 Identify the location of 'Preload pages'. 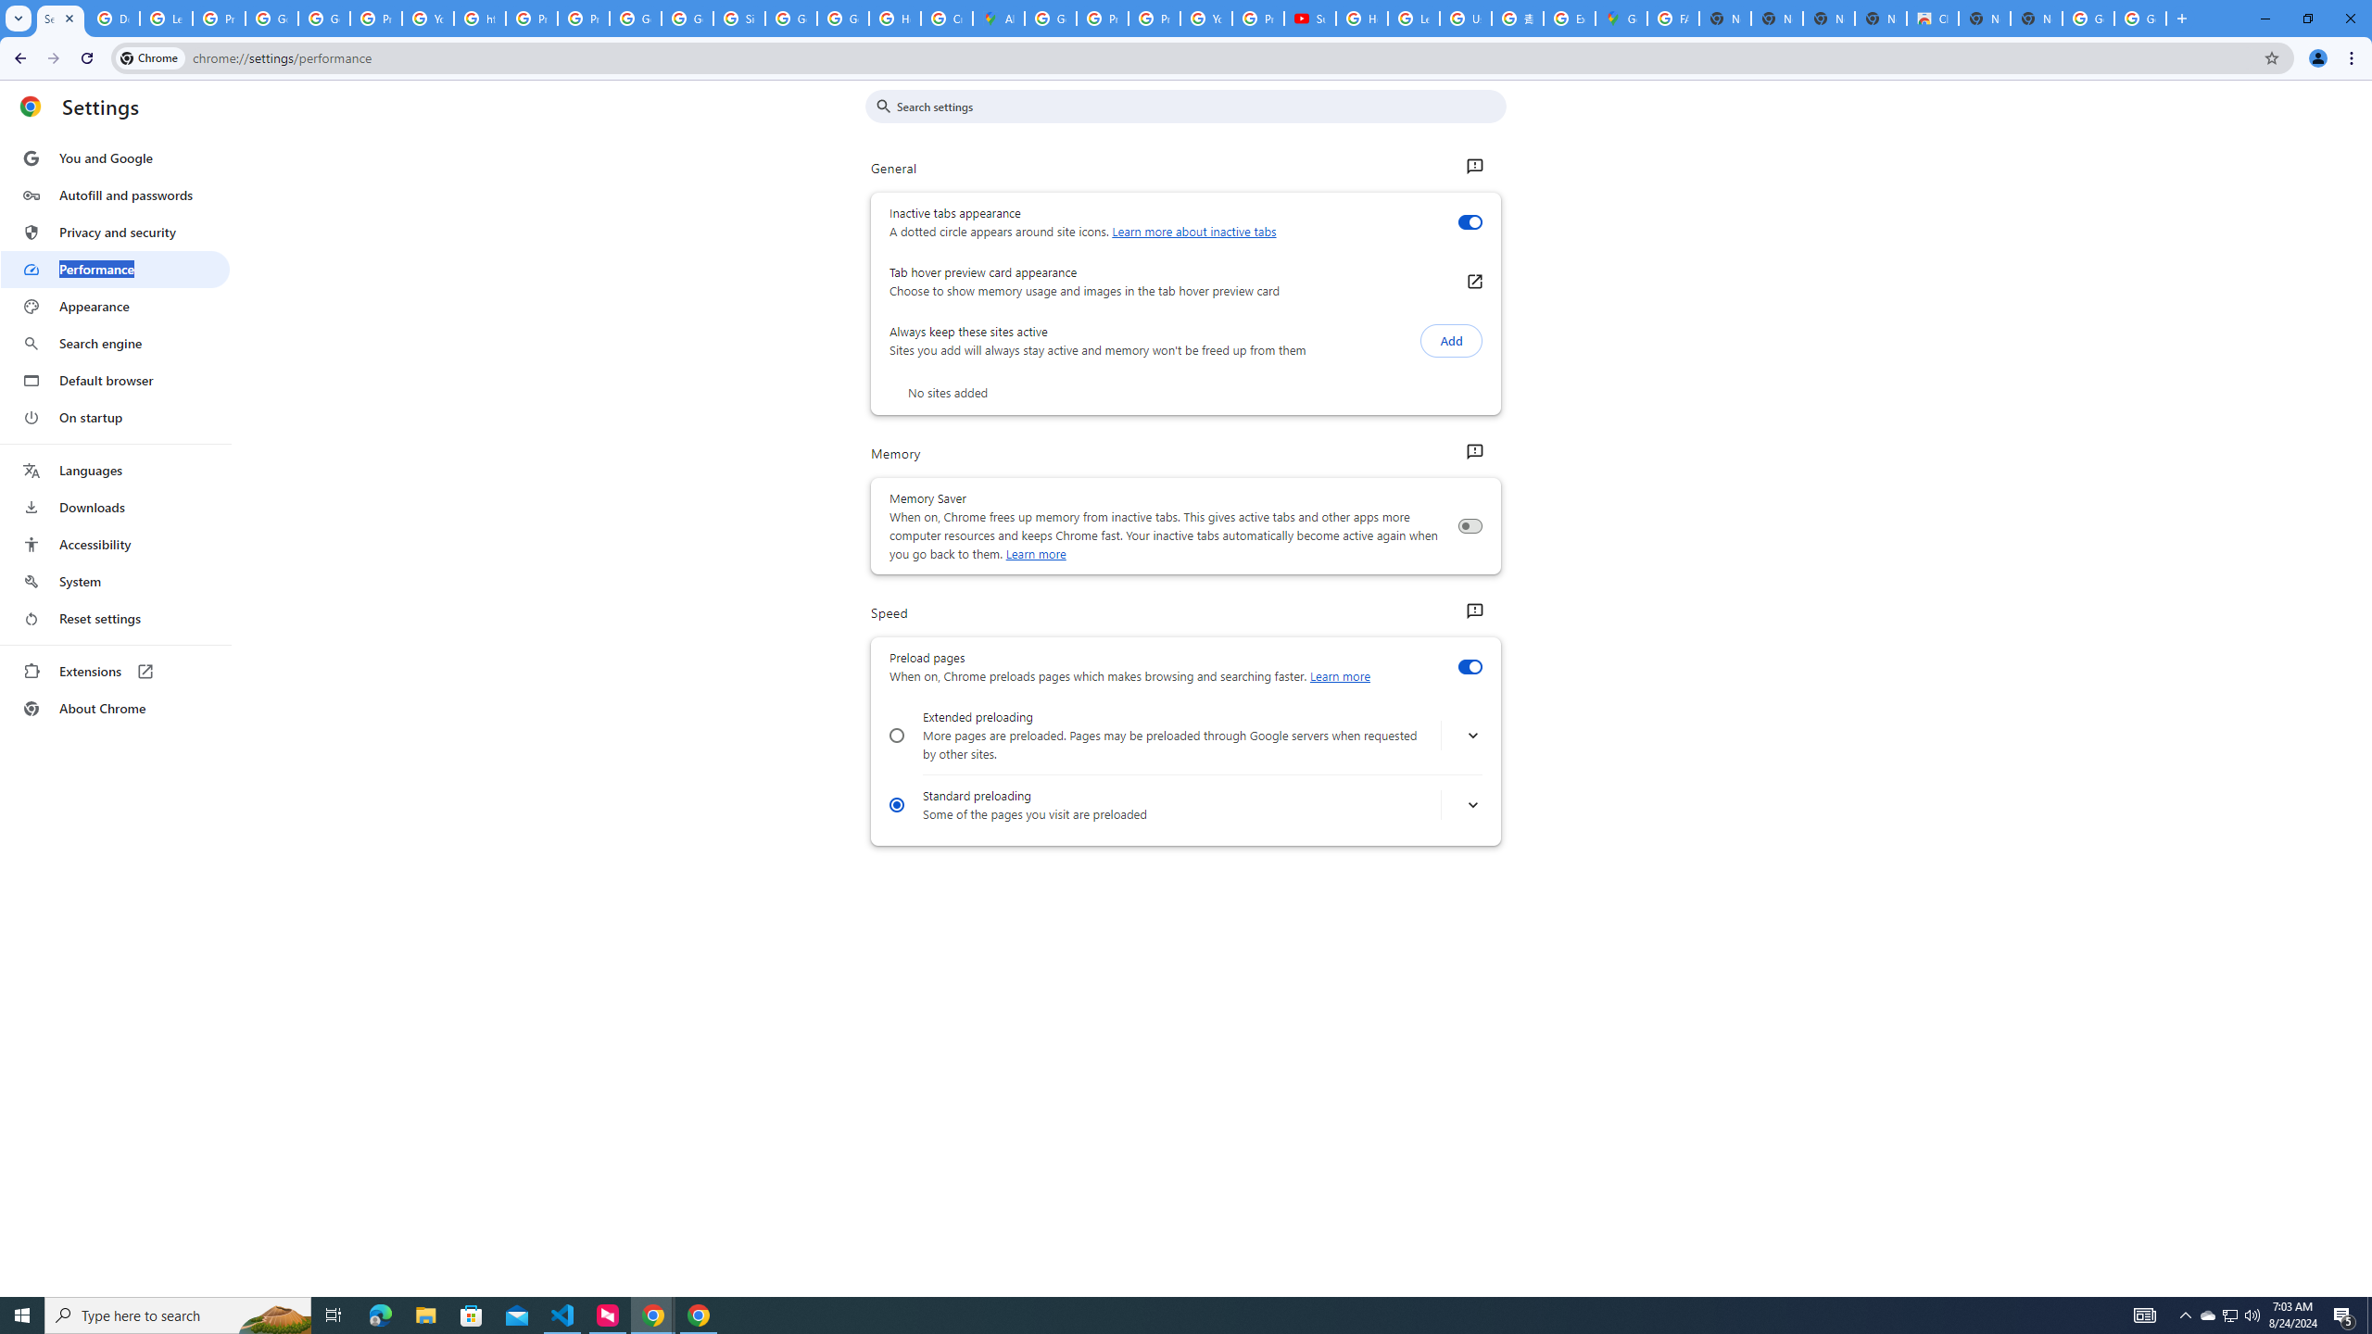
(1469, 667).